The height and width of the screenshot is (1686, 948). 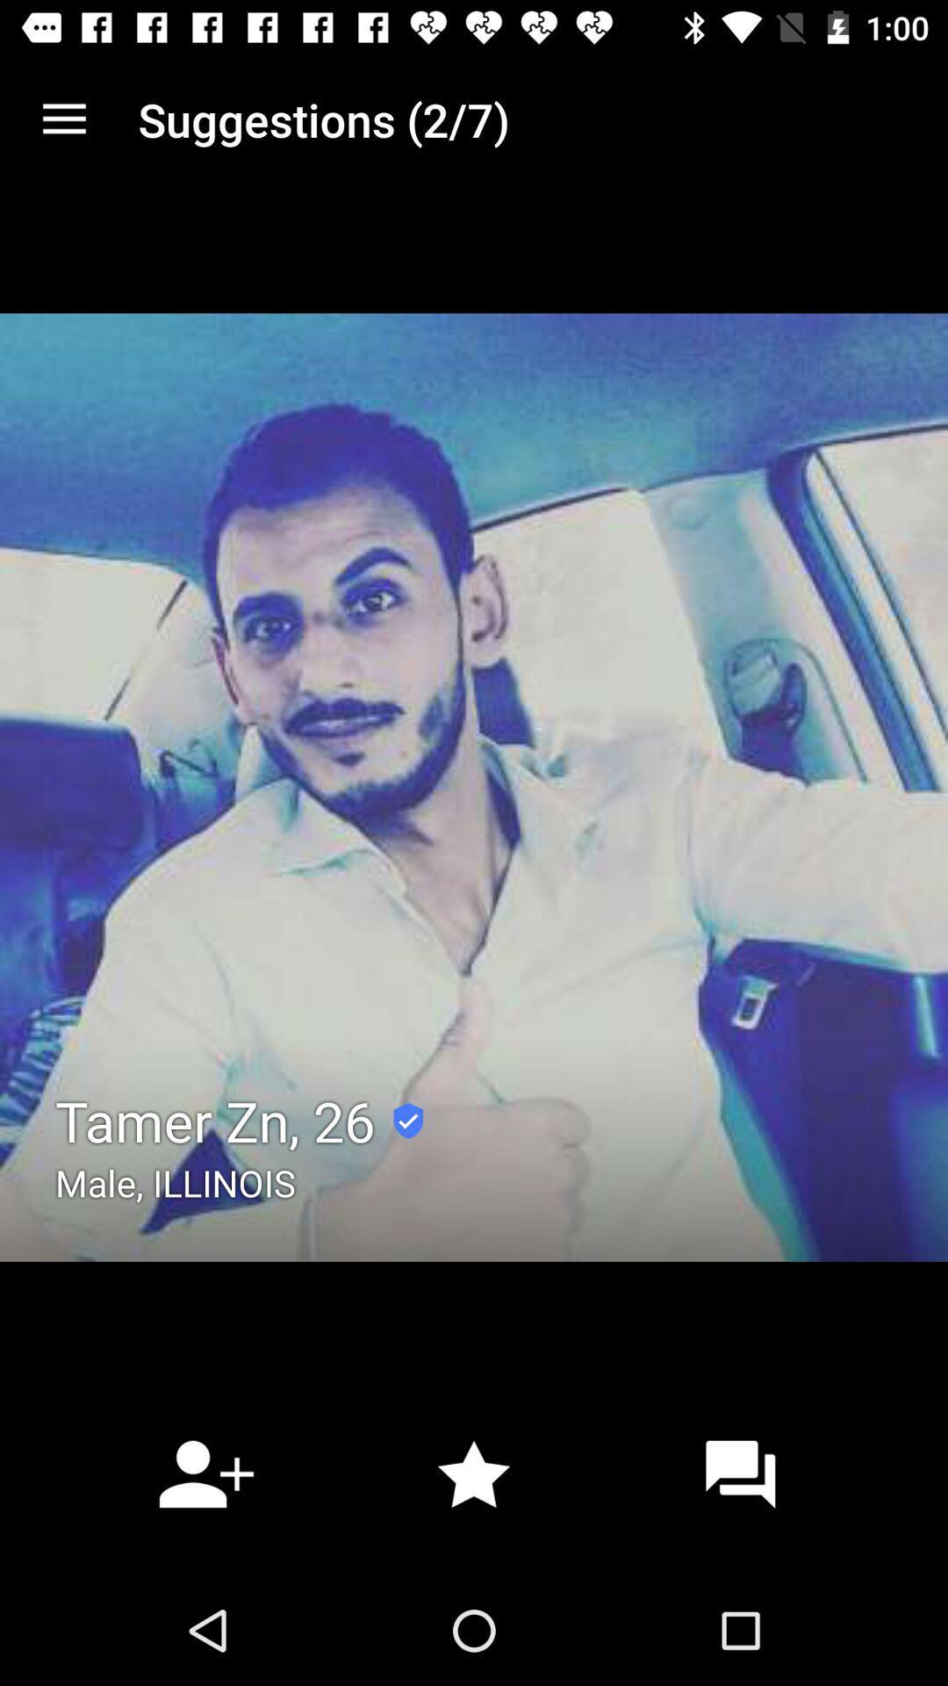 I want to click on the chat icon, so click(x=740, y=1473).